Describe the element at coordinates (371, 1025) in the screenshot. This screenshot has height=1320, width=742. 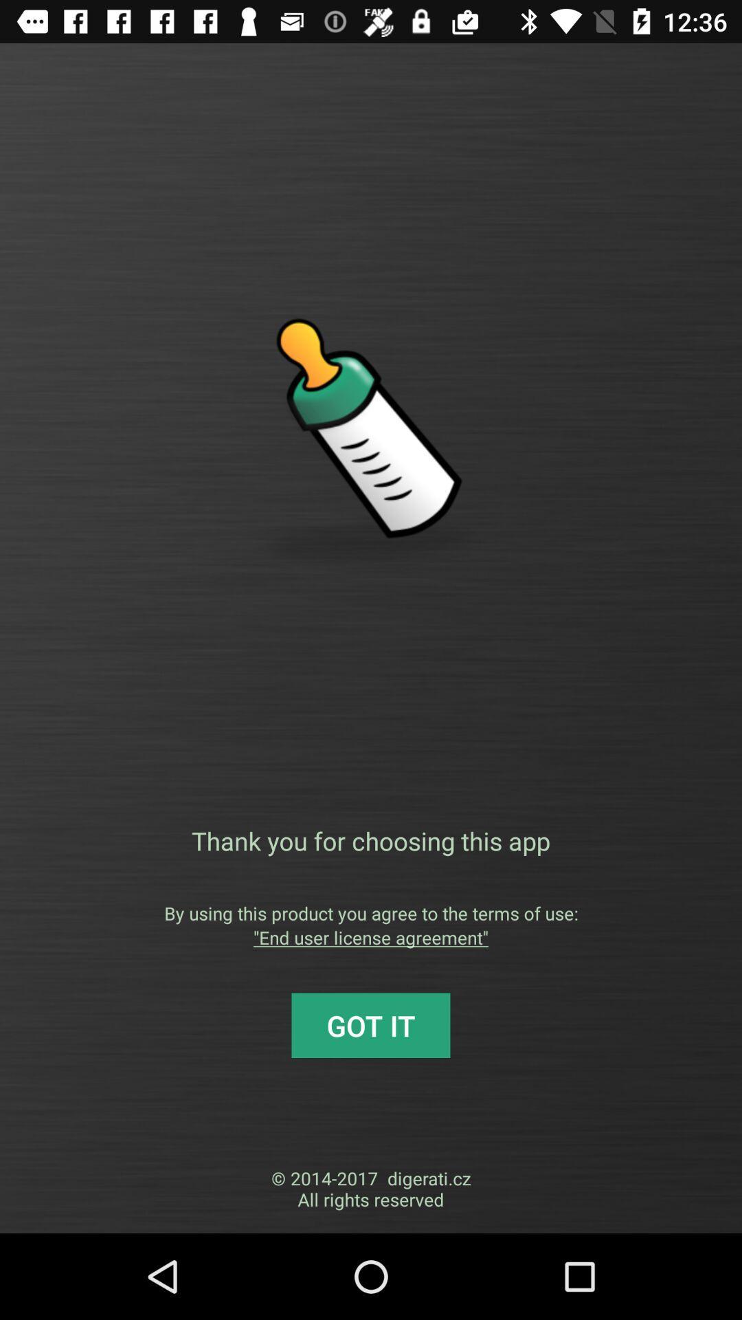
I see `icon above 2014 2017 digerati item` at that location.